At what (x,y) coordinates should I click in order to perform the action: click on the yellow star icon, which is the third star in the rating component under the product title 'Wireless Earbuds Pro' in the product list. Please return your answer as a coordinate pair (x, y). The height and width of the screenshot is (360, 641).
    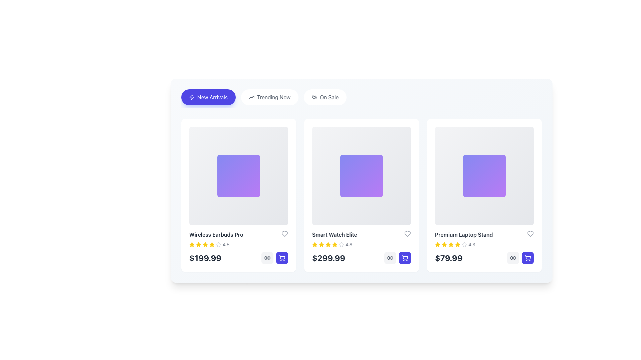
    Looking at the image, I should click on (198, 244).